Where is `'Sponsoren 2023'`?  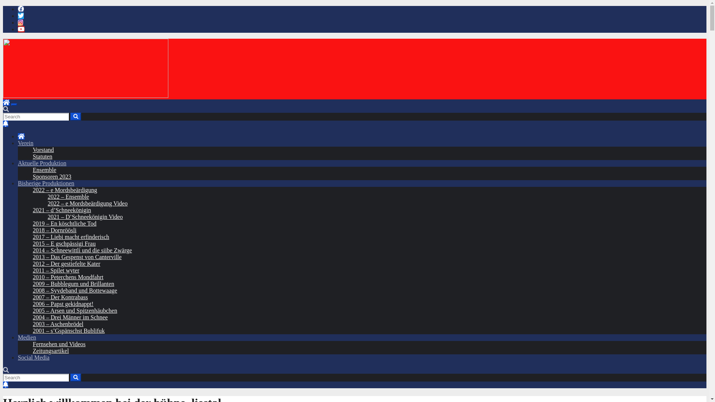
'Sponsoren 2023' is located at coordinates (32, 176).